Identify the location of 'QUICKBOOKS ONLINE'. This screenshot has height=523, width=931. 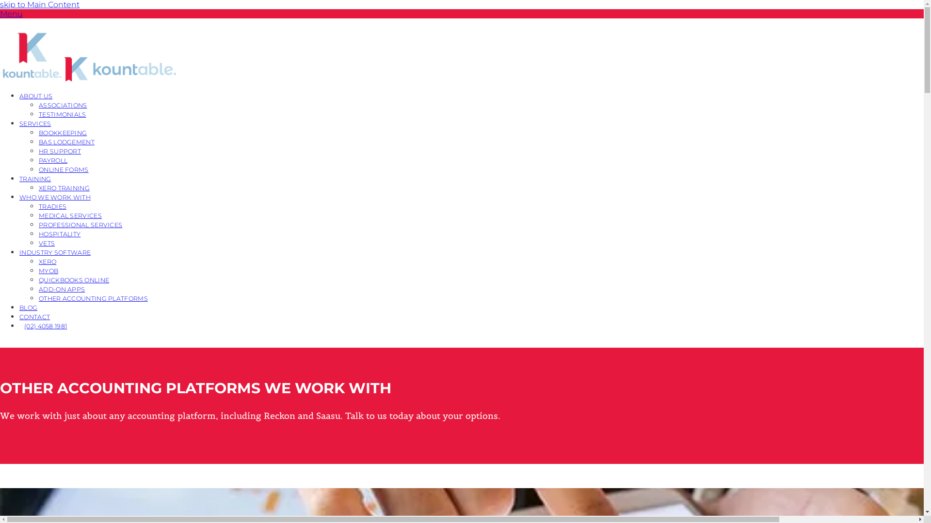
(73, 279).